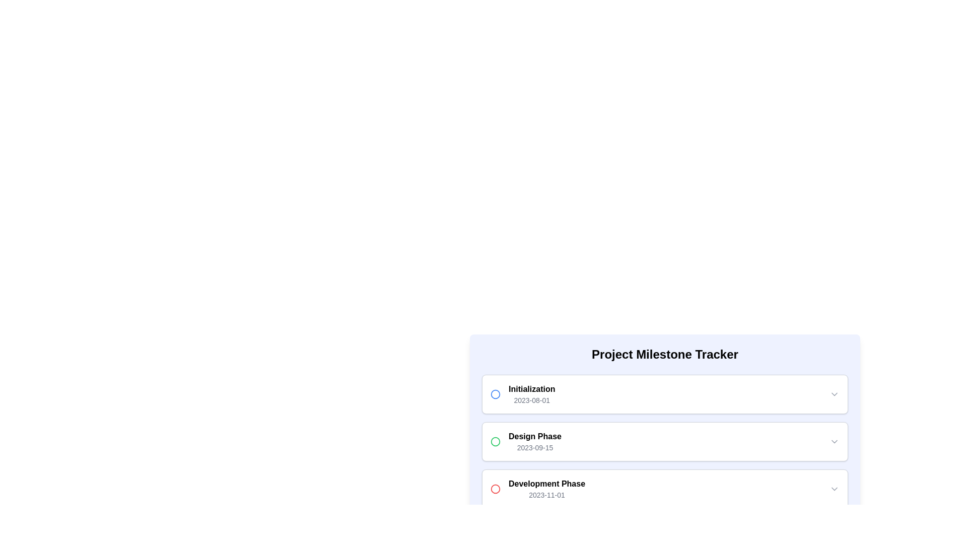 This screenshot has height=544, width=967. I want to click on the 'Initialization' milestone icon in the milestone tracker interface, which is the first icon in the list of phases, so click(495, 394).